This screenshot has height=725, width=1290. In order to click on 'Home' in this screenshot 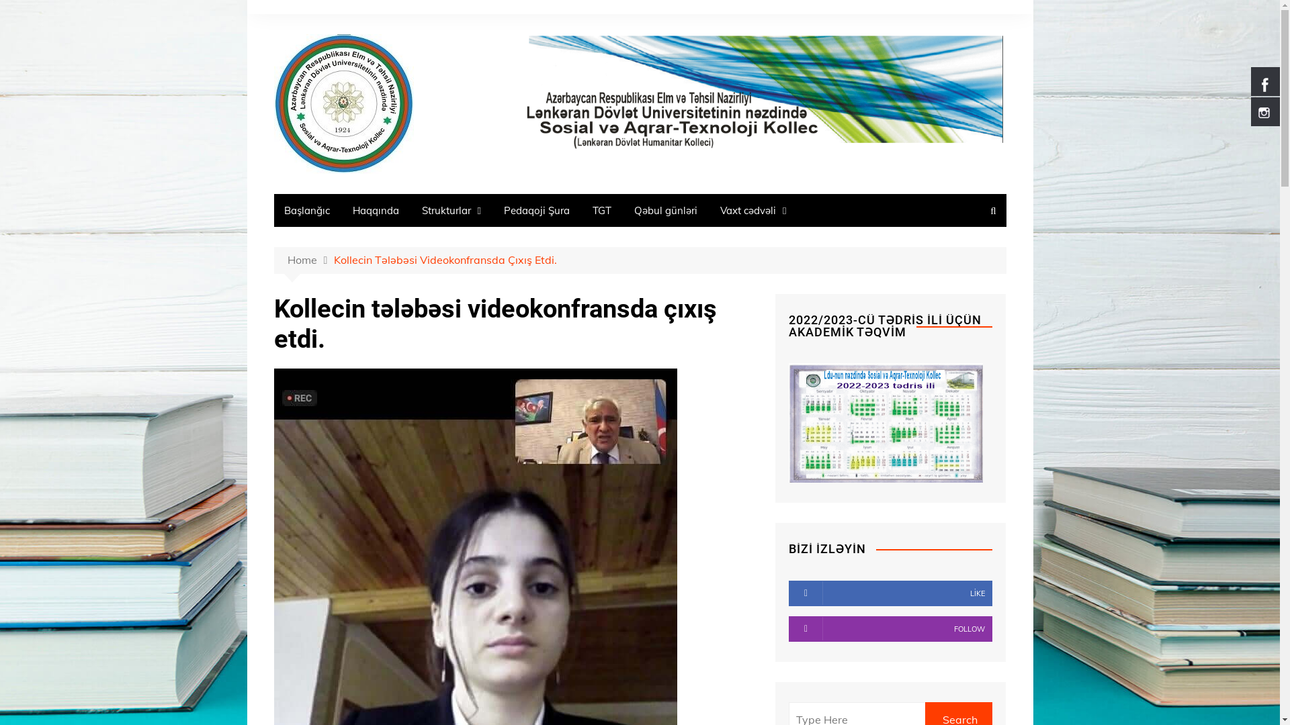, I will do `click(286, 260)`.